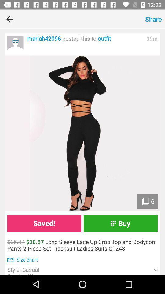 This screenshot has height=294, width=165. I want to click on the share button to the top right corner, so click(153, 19).